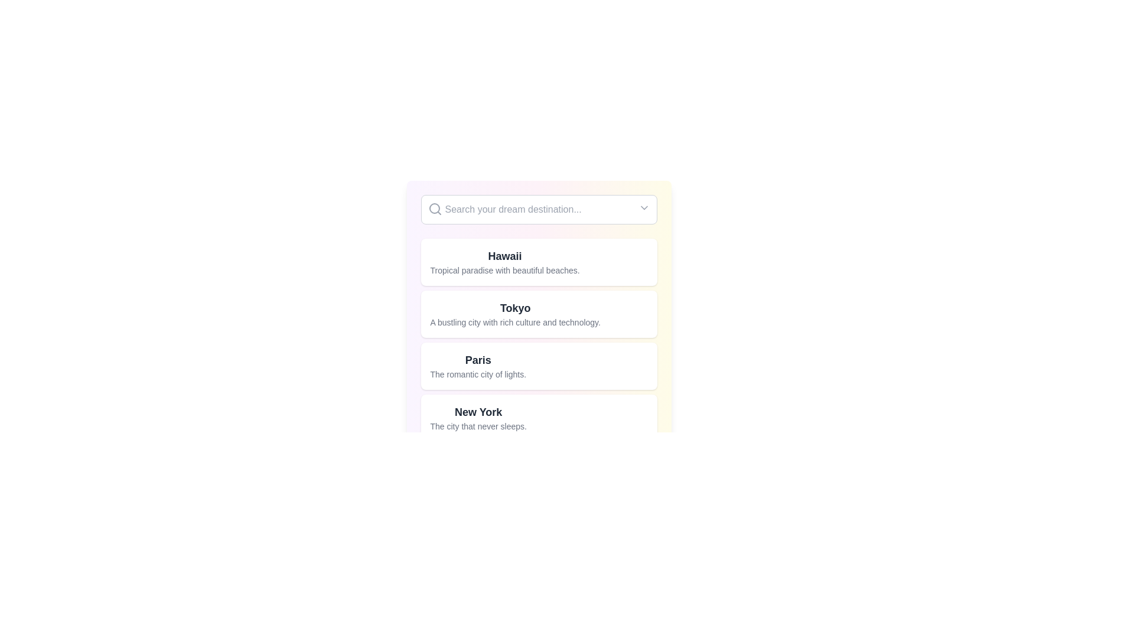 Image resolution: width=1134 pixels, height=638 pixels. I want to click on the 'New York' destination label located at the top of the destination card in the sidebar menu, so click(478, 412).